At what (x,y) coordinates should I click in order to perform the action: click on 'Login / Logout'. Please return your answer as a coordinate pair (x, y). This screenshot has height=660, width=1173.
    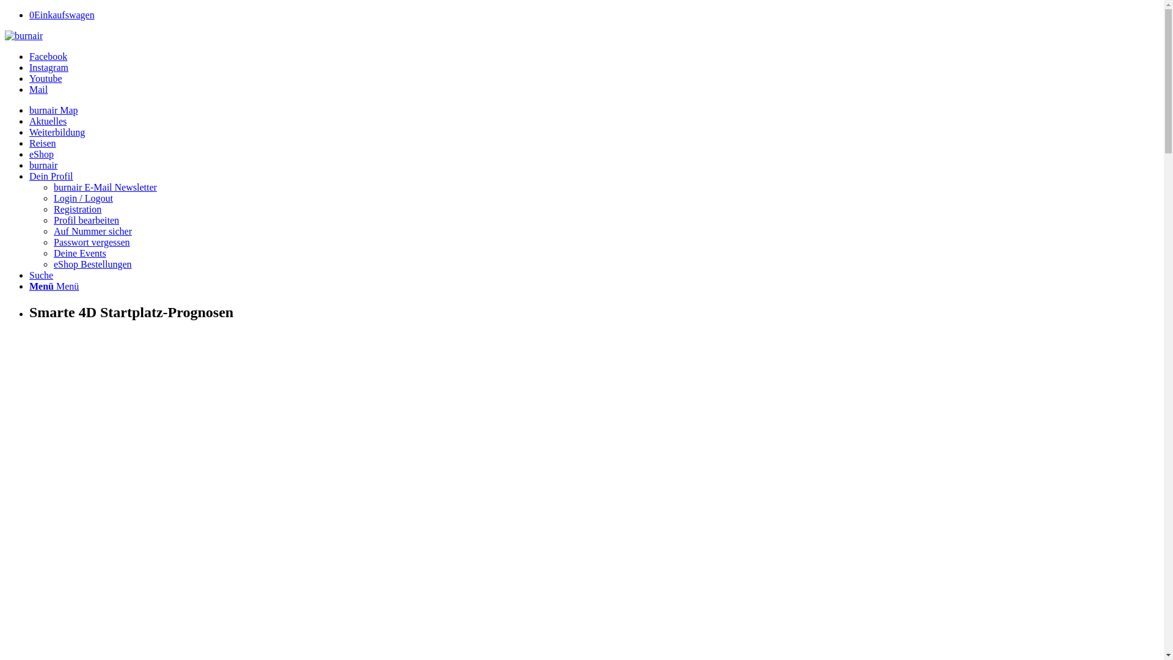
    Looking at the image, I should click on (82, 197).